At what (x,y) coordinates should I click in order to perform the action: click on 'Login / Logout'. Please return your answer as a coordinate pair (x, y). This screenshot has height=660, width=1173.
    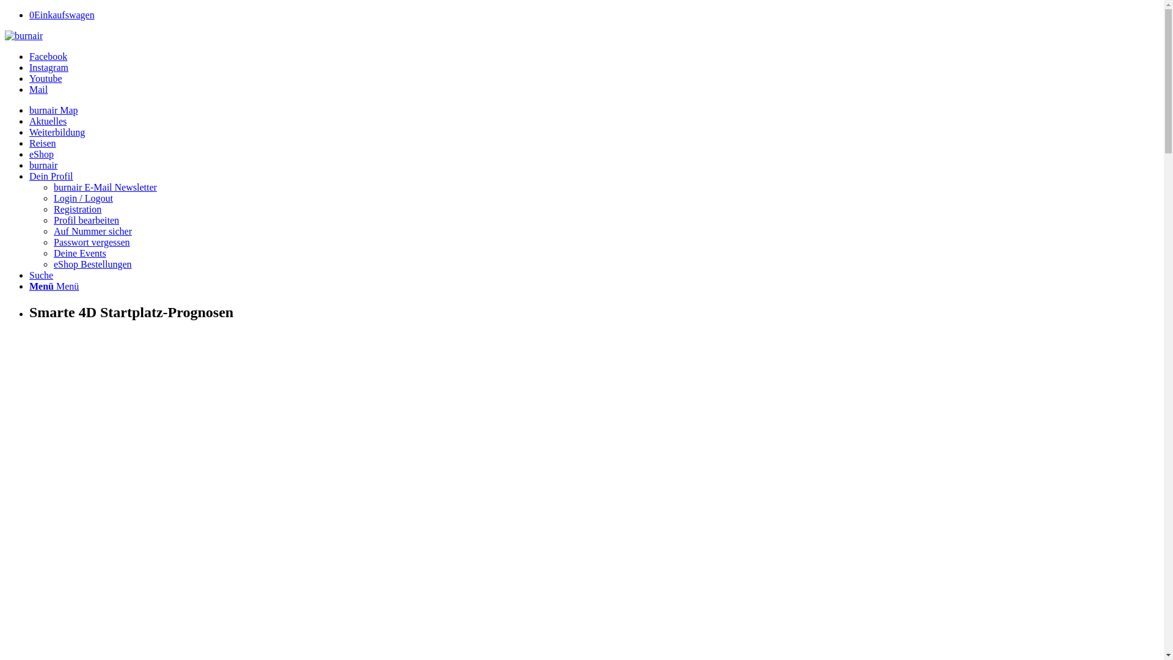
    Looking at the image, I should click on (82, 197).